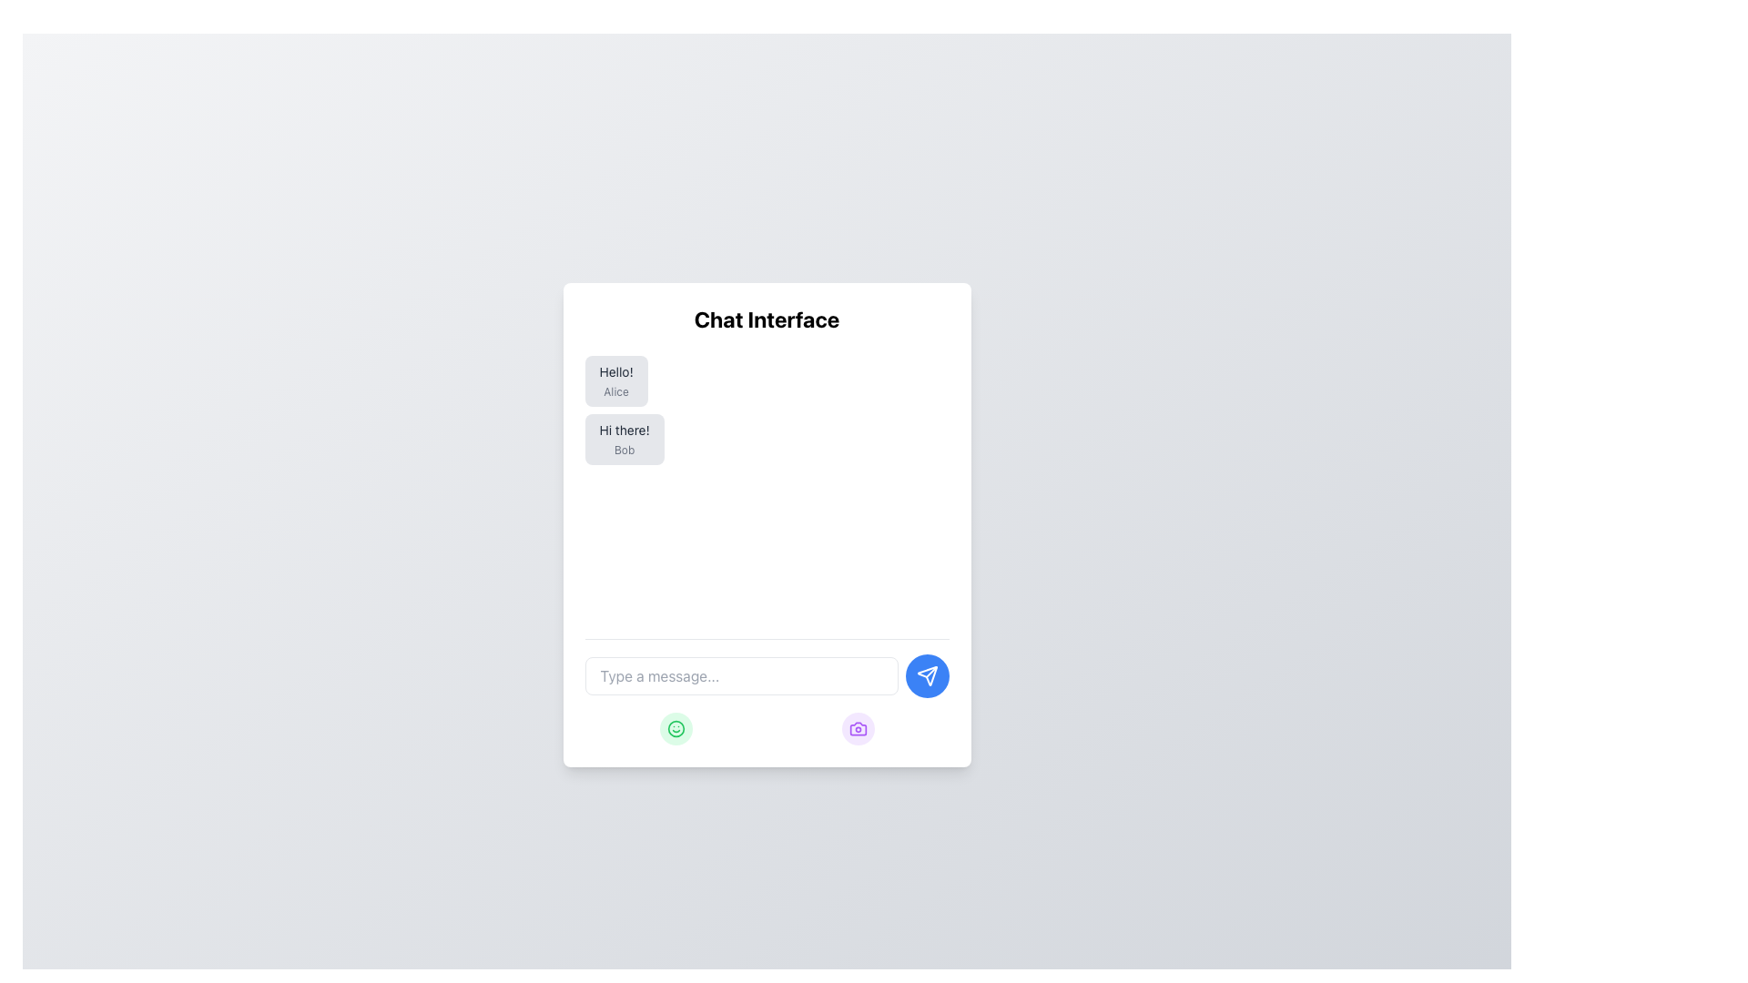  What do you see at coordinates (616, 380) in the screenshot?
I see `the chat message block containing 'Hello!' in bold and 'Alice' in a smaller font, located in the top-left section of the chat message area` at bounding box center [616, 380].